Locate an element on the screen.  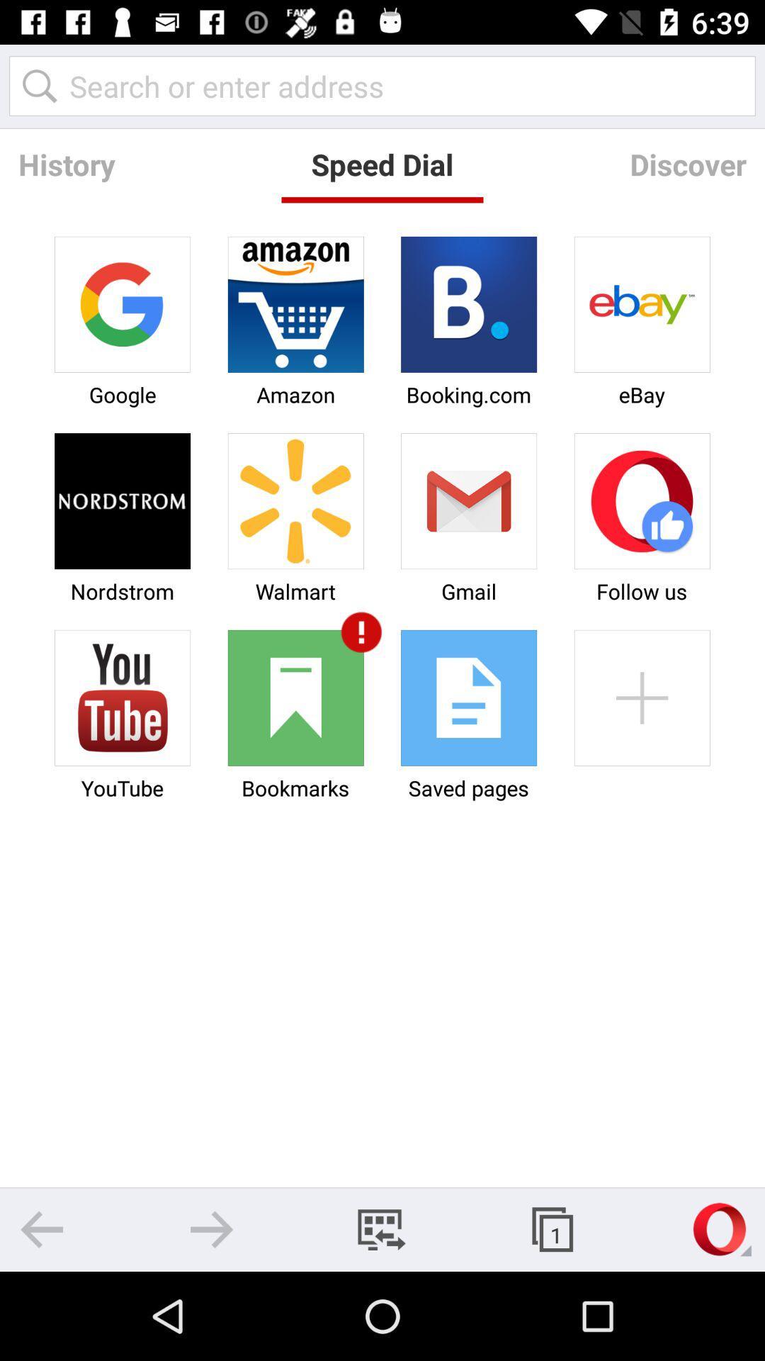
the icon below follow us item is located at coordinates (642, 698).